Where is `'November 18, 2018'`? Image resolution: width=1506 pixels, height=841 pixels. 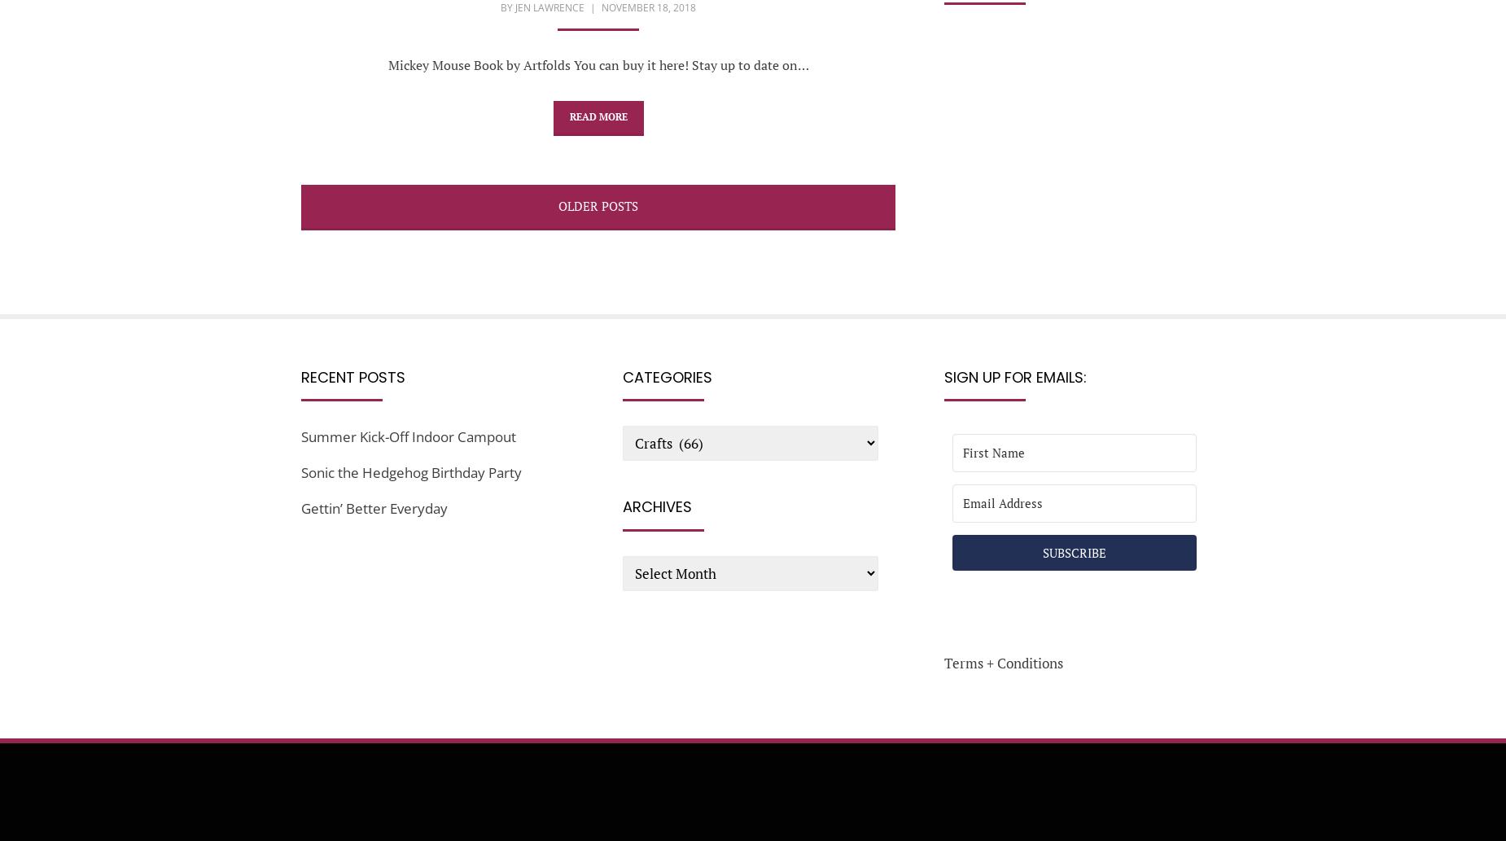
'November 18, 2018' is located at coordinates (648, 7).